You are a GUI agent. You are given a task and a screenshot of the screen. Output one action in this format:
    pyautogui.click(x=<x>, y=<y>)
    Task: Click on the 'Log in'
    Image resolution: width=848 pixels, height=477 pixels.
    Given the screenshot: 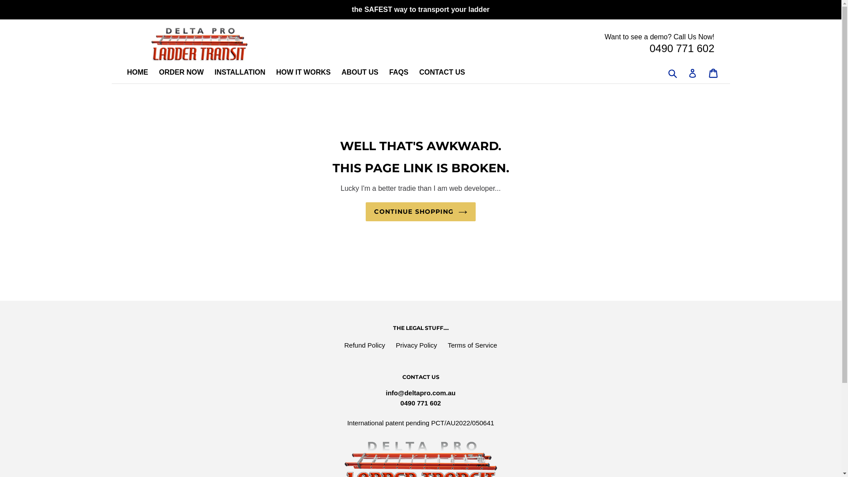 What is the action you would take?
    pyautogui.click(x=692, y=72)
    